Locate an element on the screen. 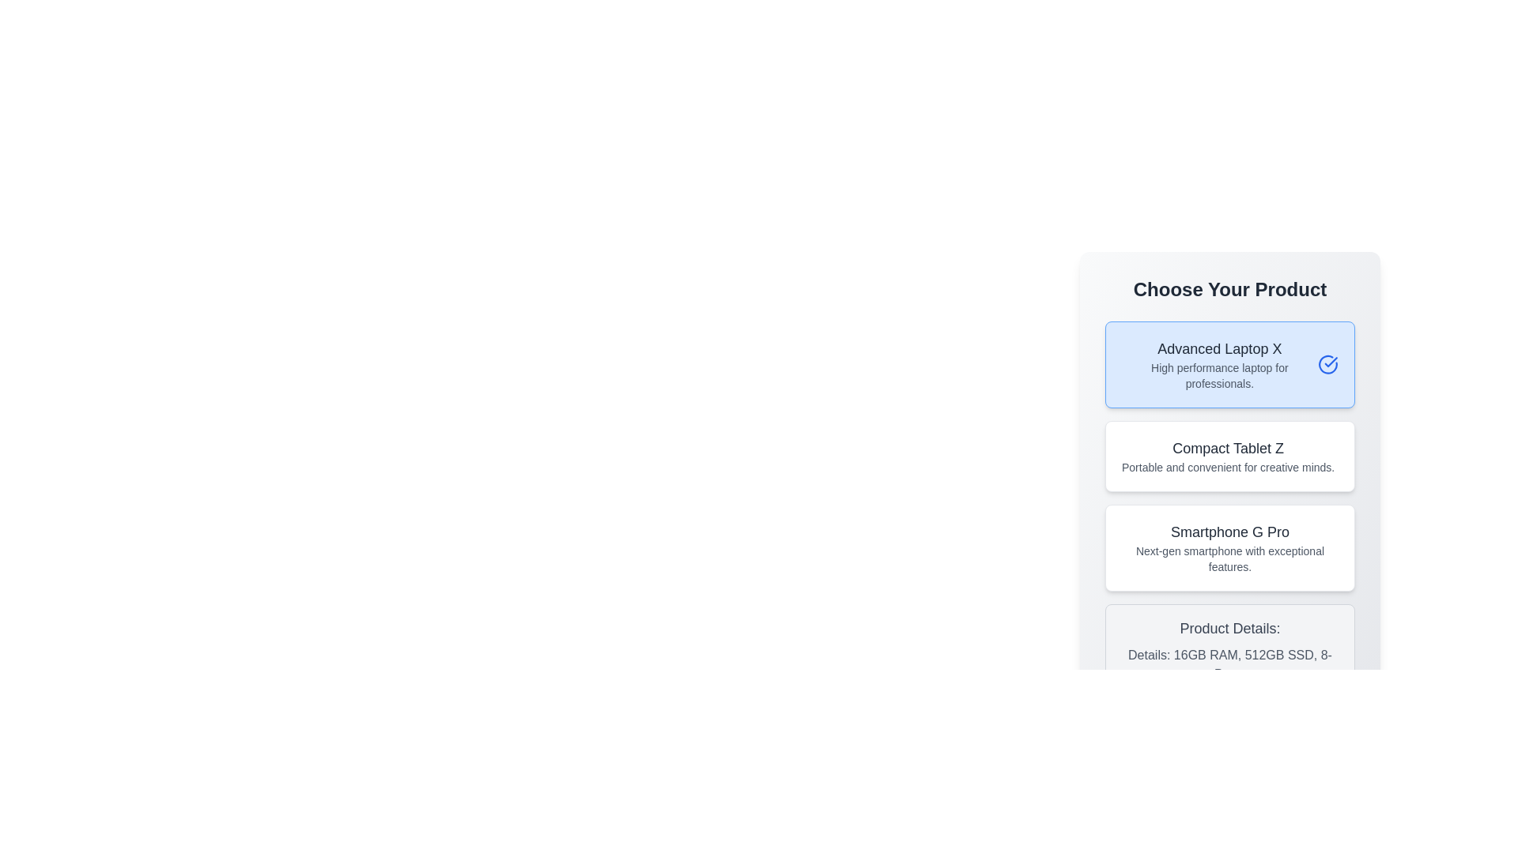 Image resolution: width=1518 pixels, height=853 pixels. text label and description for the product 'Compact Tablet Z' located on the second product card in a vertical list of selectable cards is located at coordinates (1227, 457).